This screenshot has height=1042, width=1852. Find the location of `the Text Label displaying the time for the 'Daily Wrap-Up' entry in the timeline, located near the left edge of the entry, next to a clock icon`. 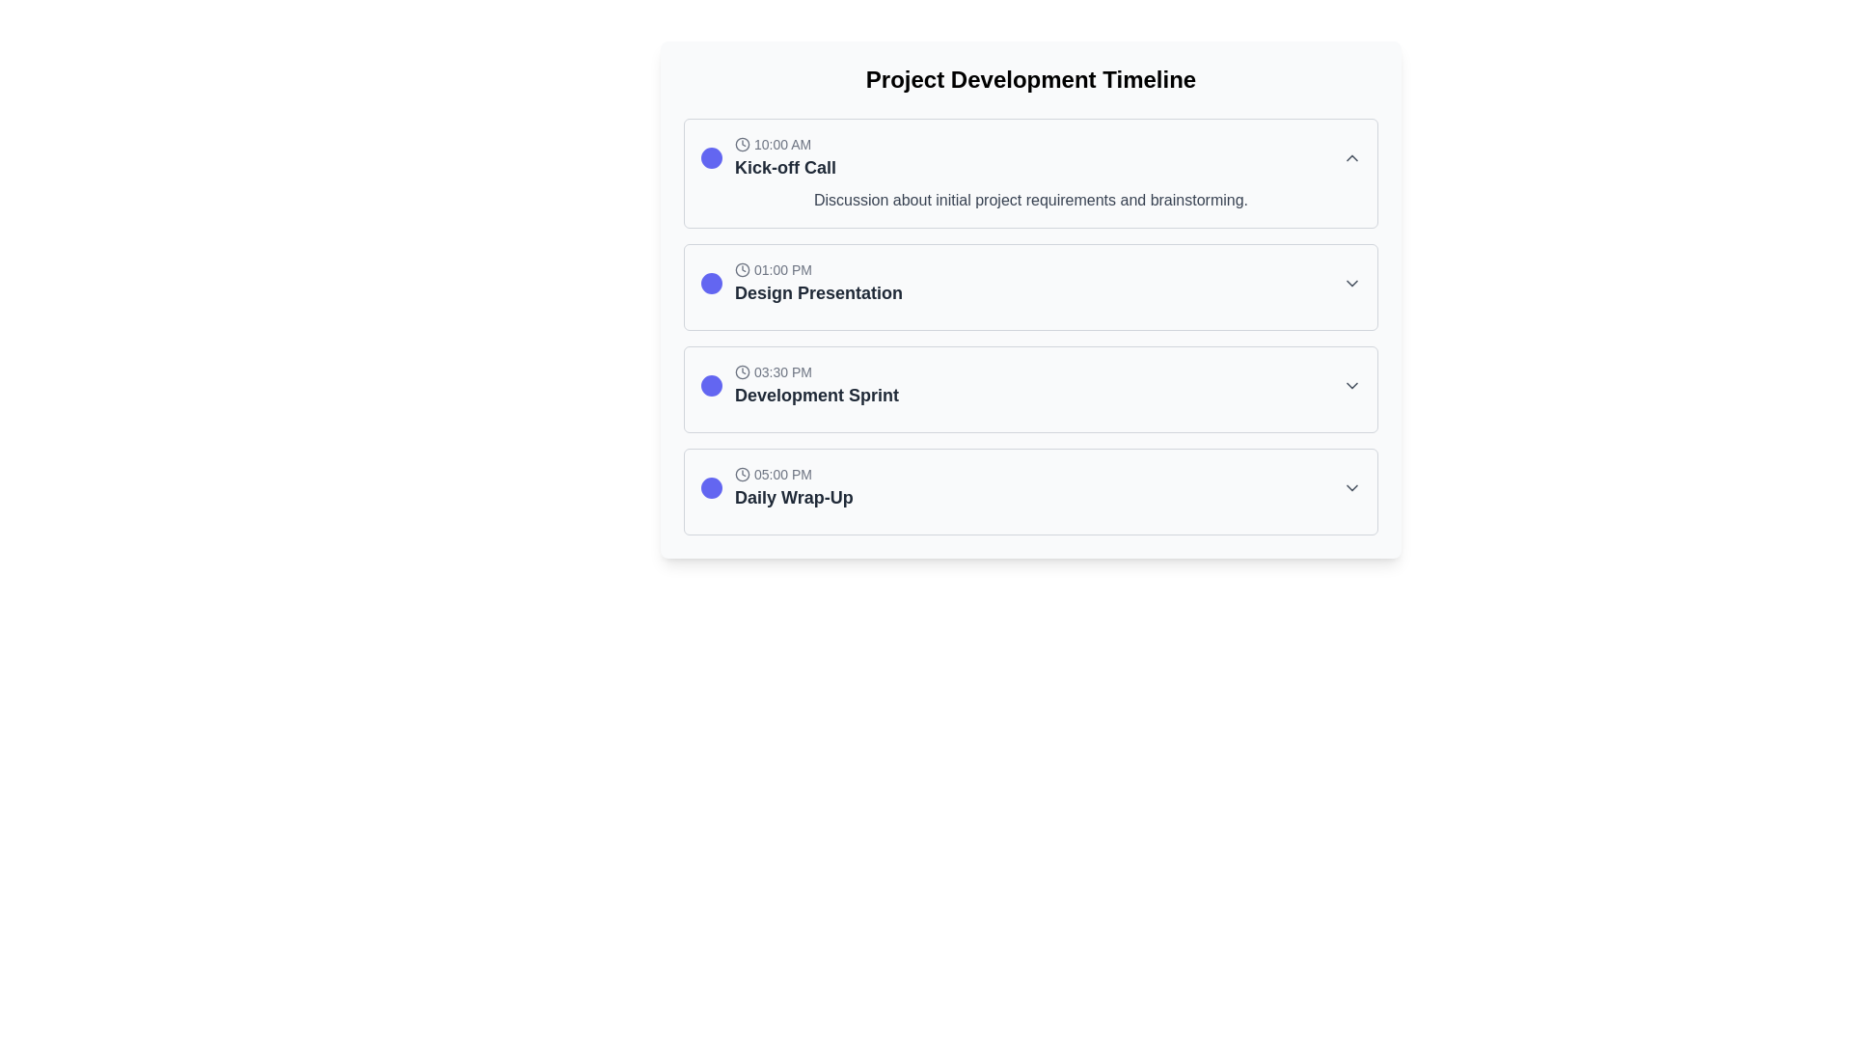

the Text Label displaying the time for the 'Daily Wrap-Up' entry in the timeline, located near the left edge of the entry, next to a clock icon is located at coordinates (794, 475).